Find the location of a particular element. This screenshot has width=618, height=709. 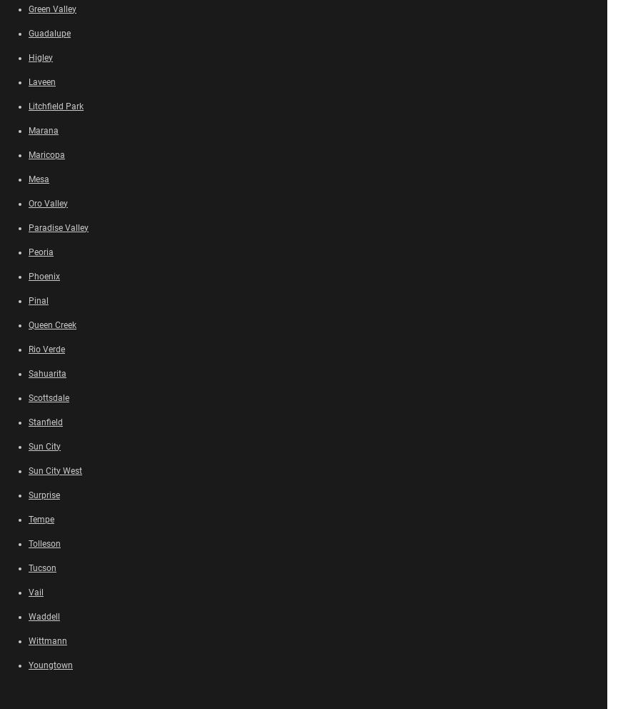

'Youngtown' is located at coordinates (28, 664).